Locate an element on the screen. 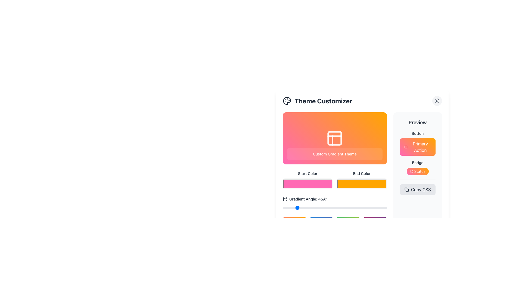 The width and height of the screenshot is (522, 293). the rectangular badge with a gradient background transitioning from pink to orange, containing the text 'Status' in white, located in the 'Preview' section above the 'Copy CSS' button is located at coordinates (417, 163).